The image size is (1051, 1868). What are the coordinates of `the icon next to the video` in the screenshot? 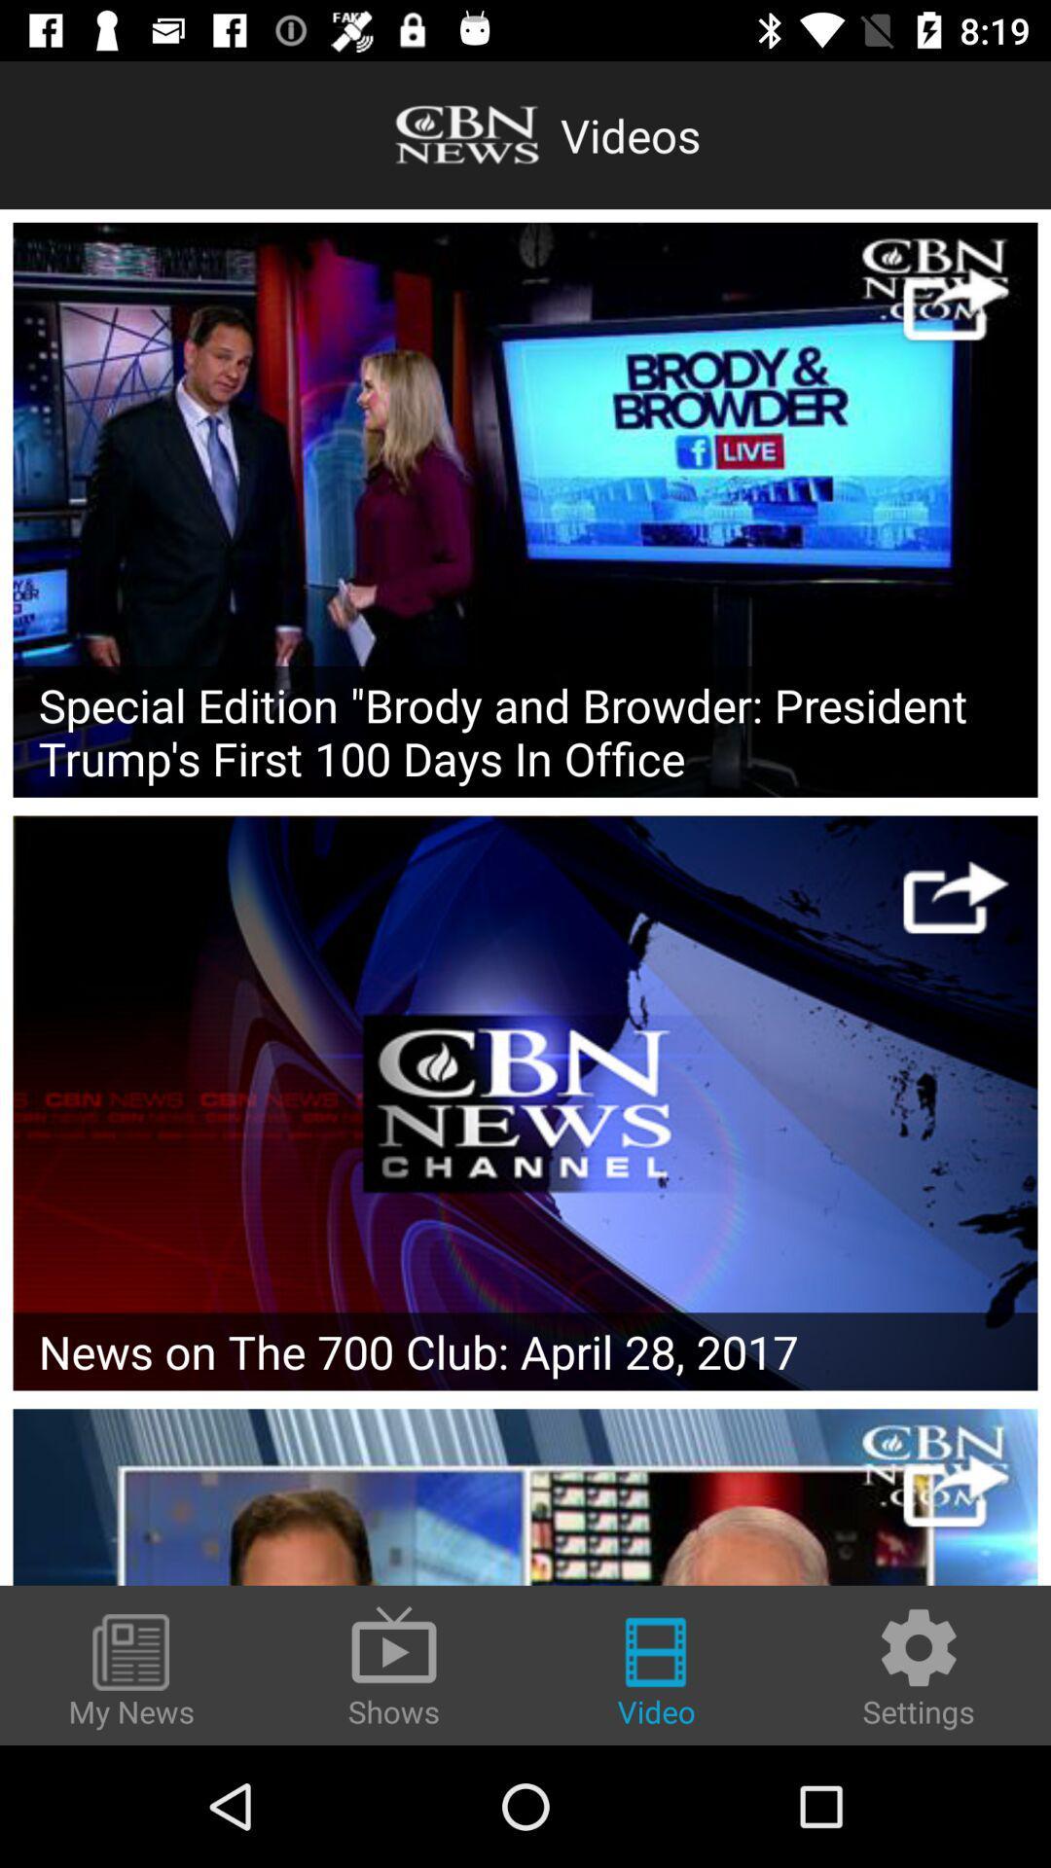 It's located at (919, 1666).